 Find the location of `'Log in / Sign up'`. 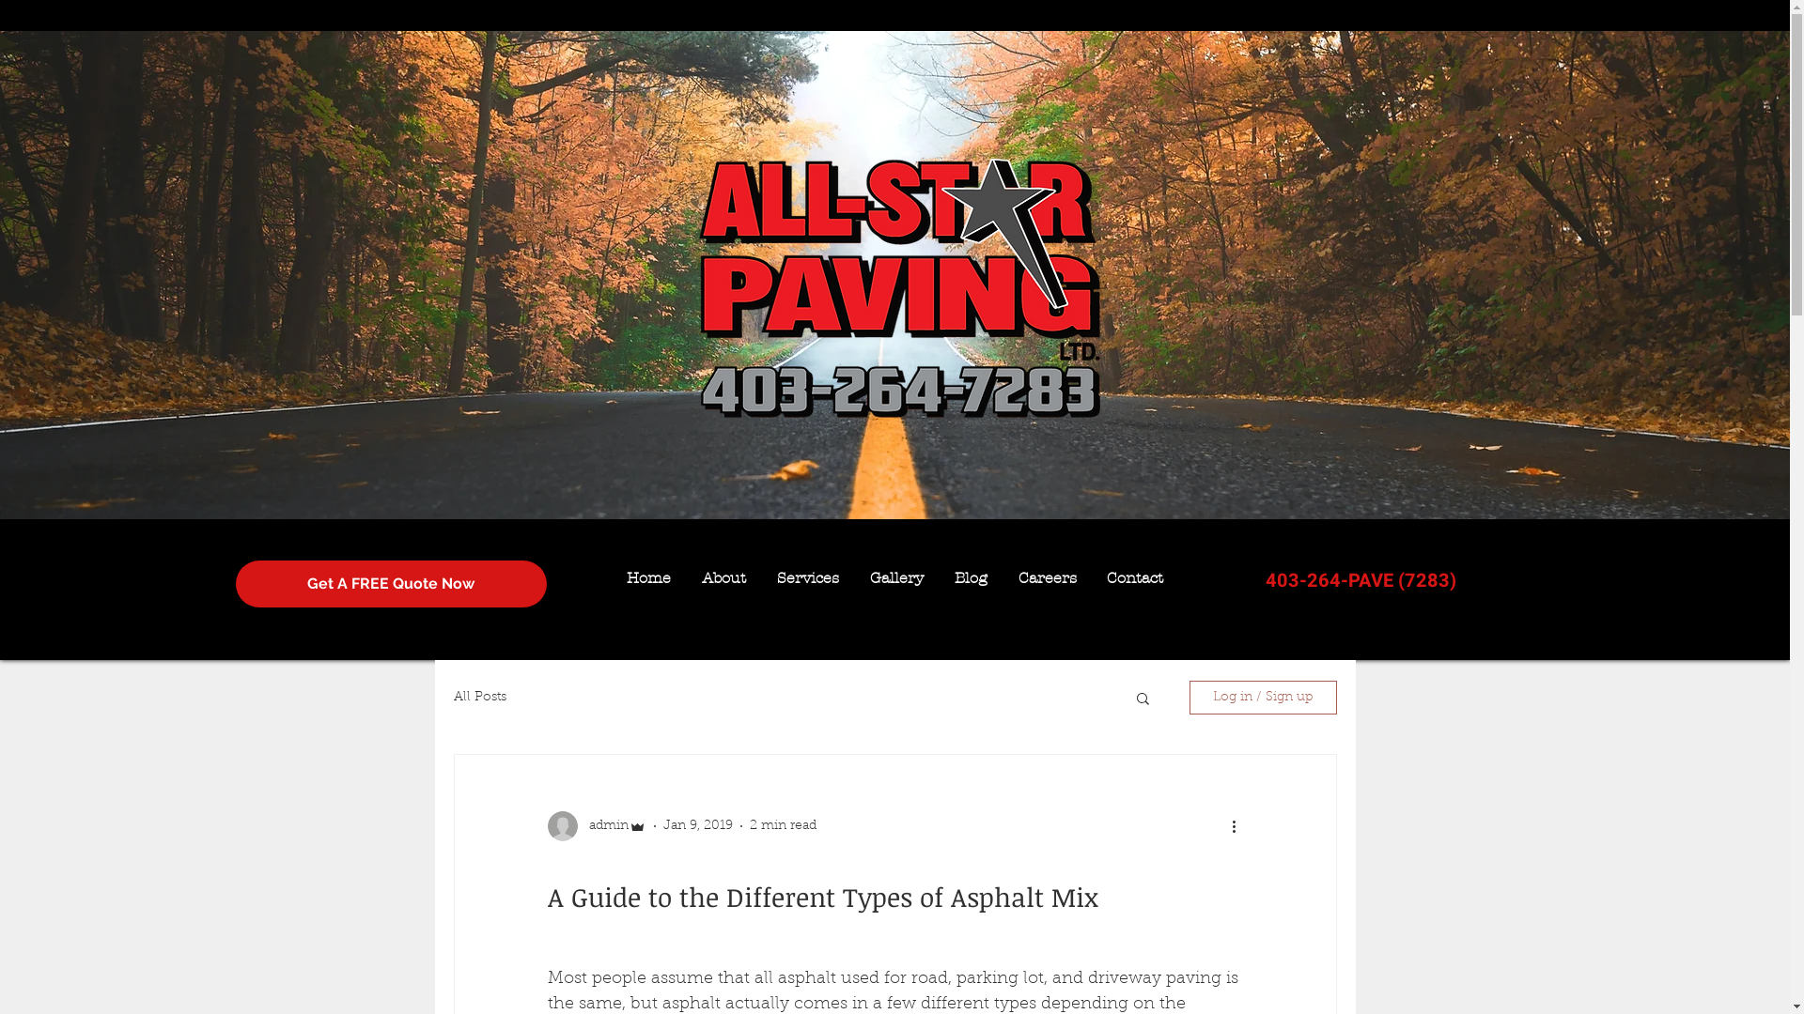

'Log in / Sign up' is located at coordinates (1189, 698).